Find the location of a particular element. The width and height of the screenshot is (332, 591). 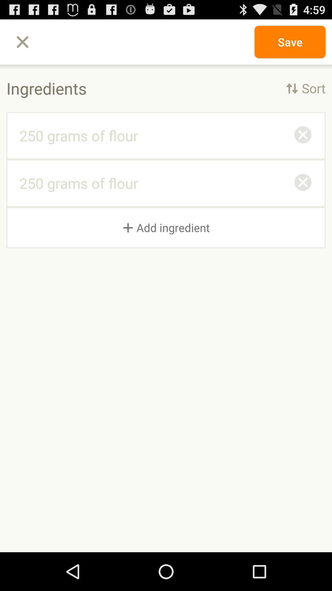

item at the top left corner is located at coordinates (22, 42).